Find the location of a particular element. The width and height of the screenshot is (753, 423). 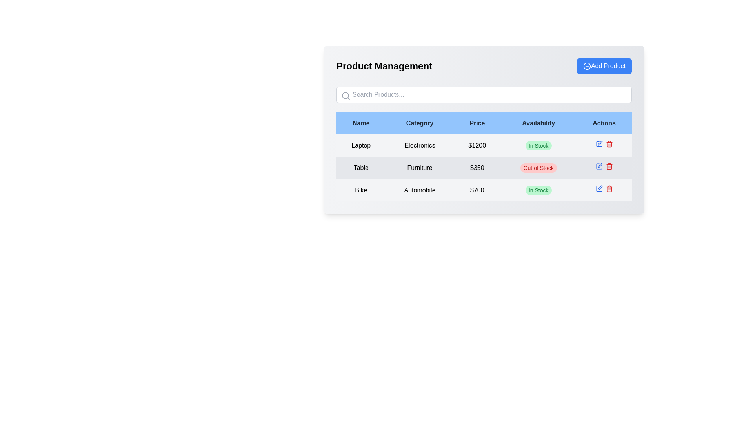

the Text label indicating the category of items in the table, positioned between the 'Name' and 'Price' headers is located at coordinates (419, 123).